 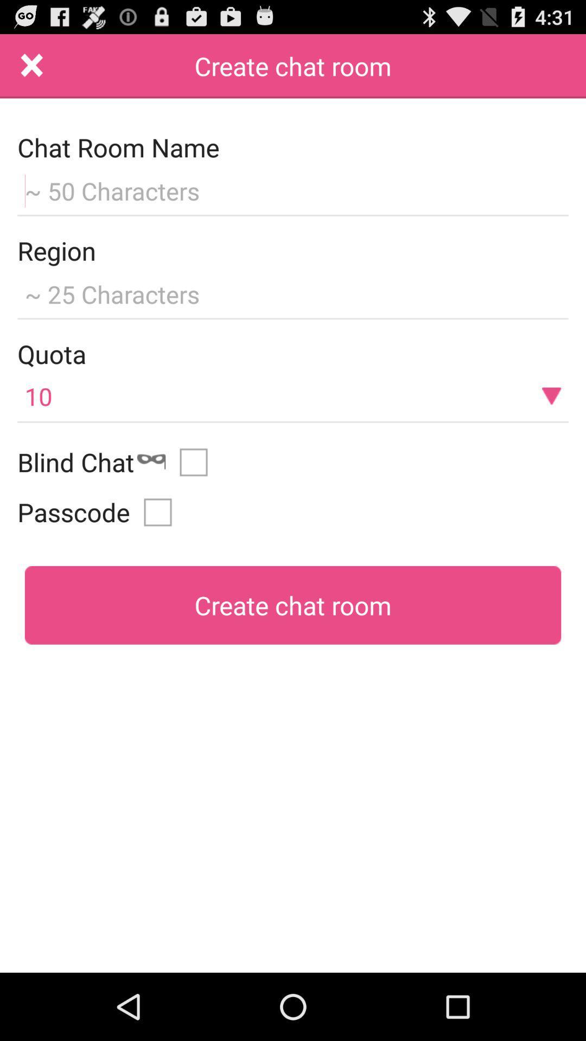 I want to click on to activate, so click(x=198, y=462).